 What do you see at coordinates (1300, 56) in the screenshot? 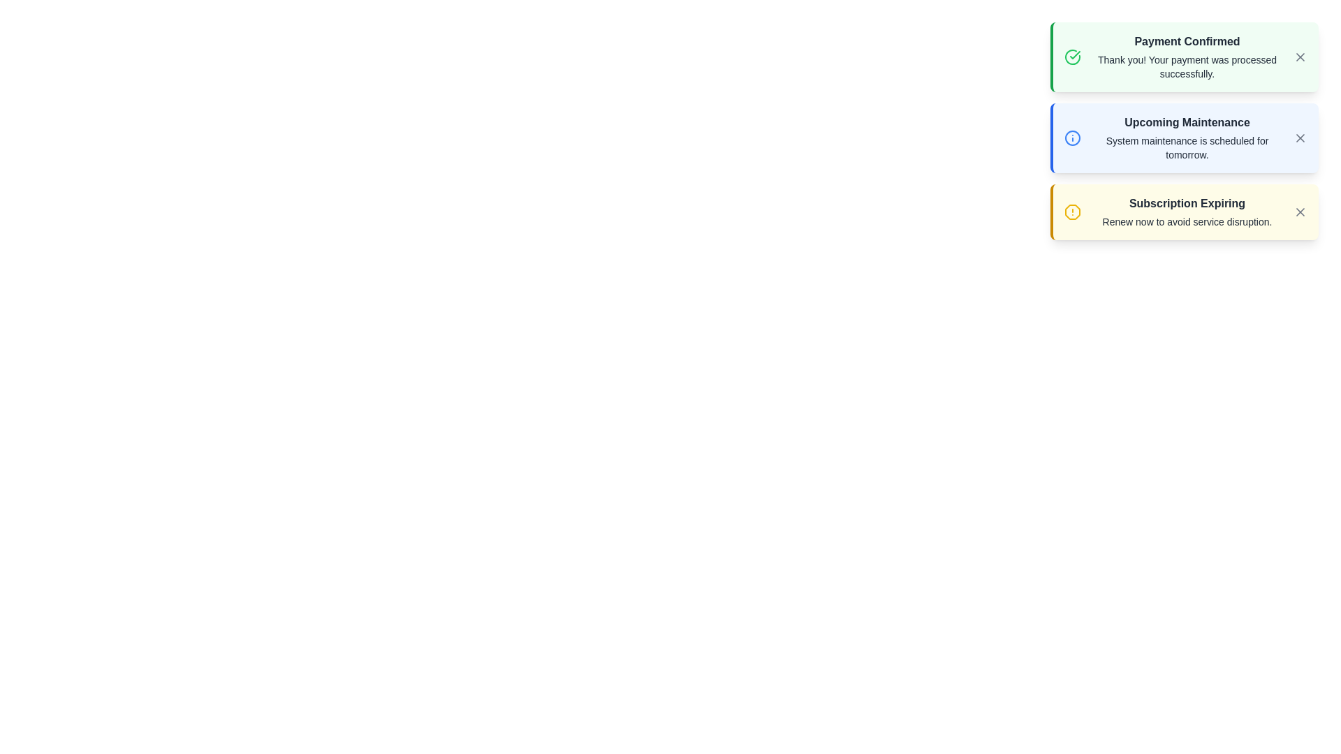
I see `close button of the notification with the title 'Payment Confirmed'` at bounding box center [1300, 56].